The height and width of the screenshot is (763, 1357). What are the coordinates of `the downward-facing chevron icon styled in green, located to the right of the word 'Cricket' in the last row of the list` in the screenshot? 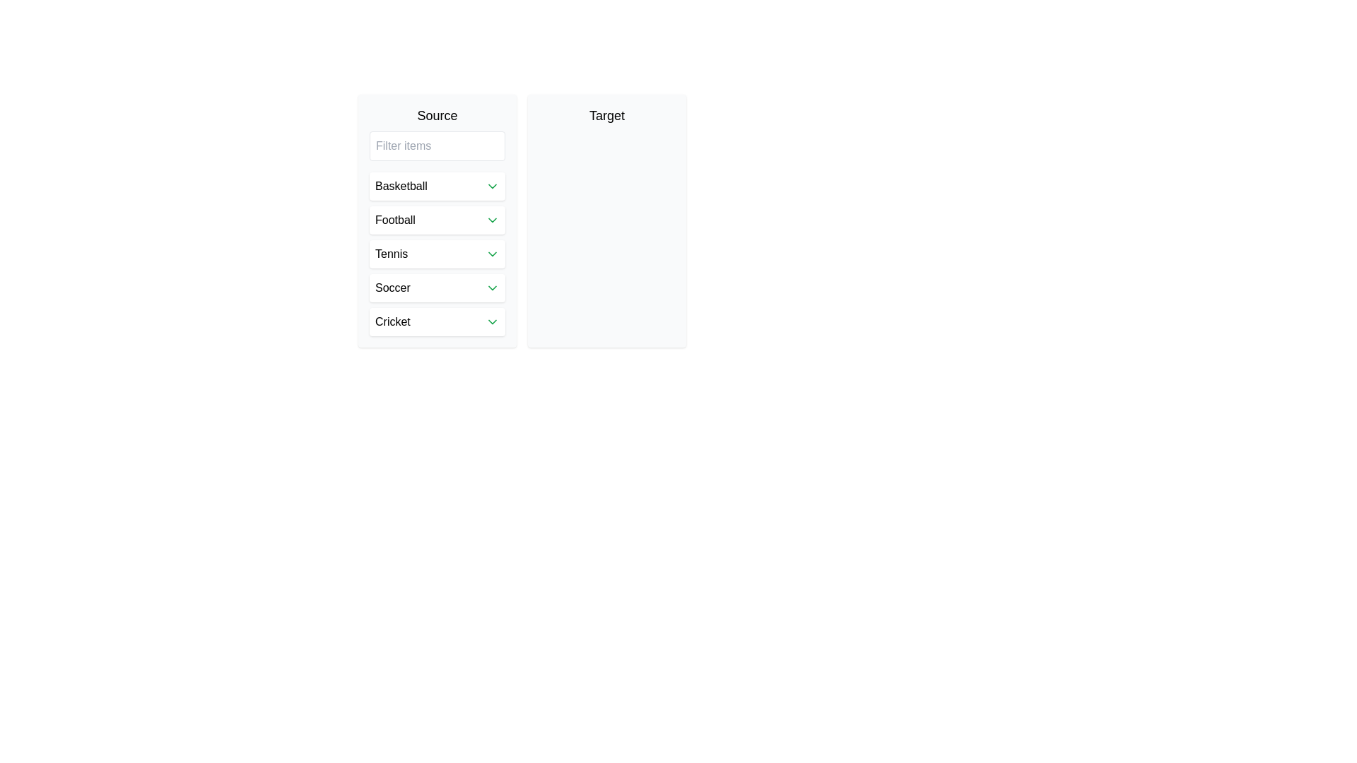 It's located at (492, 321).